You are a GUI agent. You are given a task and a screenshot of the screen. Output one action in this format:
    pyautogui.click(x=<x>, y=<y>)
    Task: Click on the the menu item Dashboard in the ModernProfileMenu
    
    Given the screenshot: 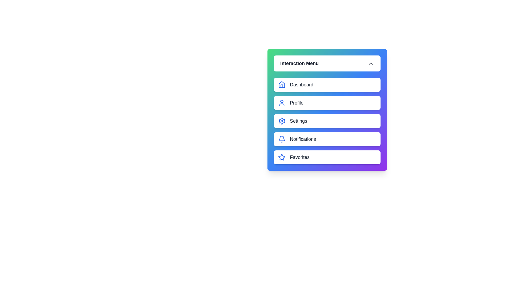 What is the action you would take?
    pyautogui.click(x=327, y=84)
    